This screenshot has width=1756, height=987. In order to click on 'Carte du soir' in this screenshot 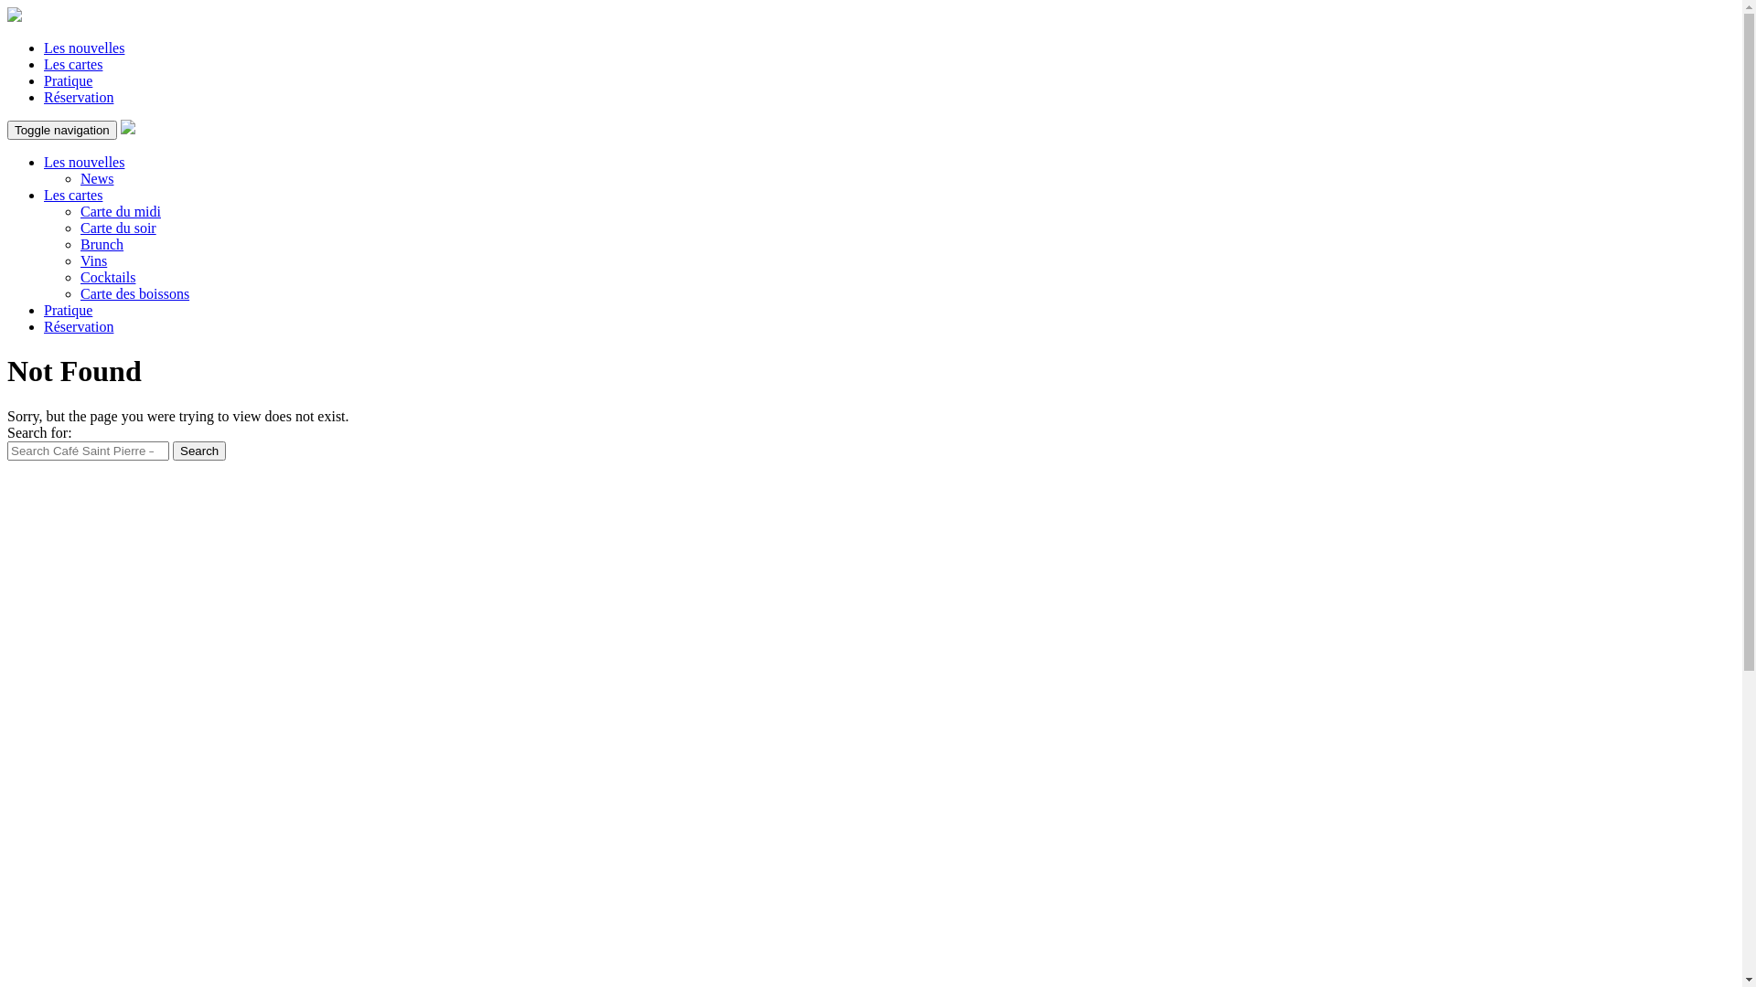, I will do `click(117, 227)`.